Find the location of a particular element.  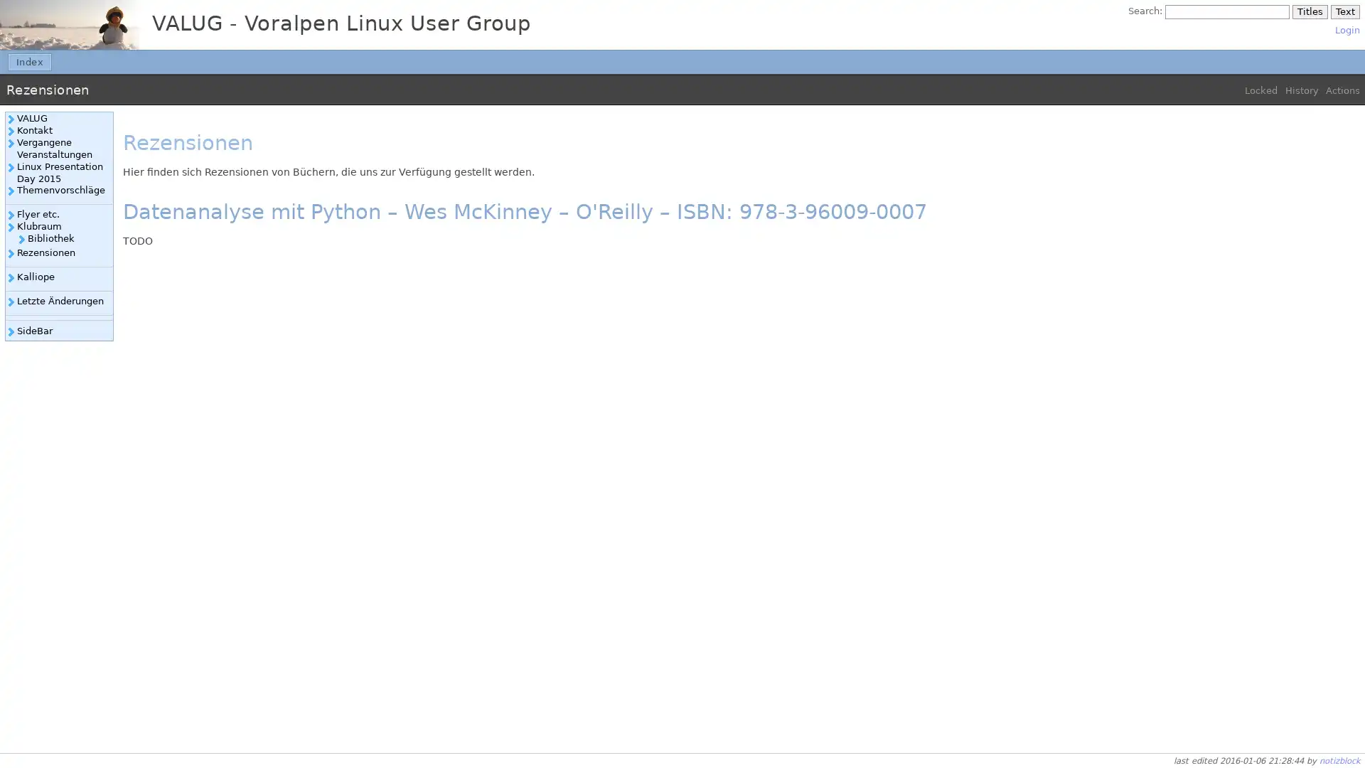

Text is located at coordinates (1344, 11).